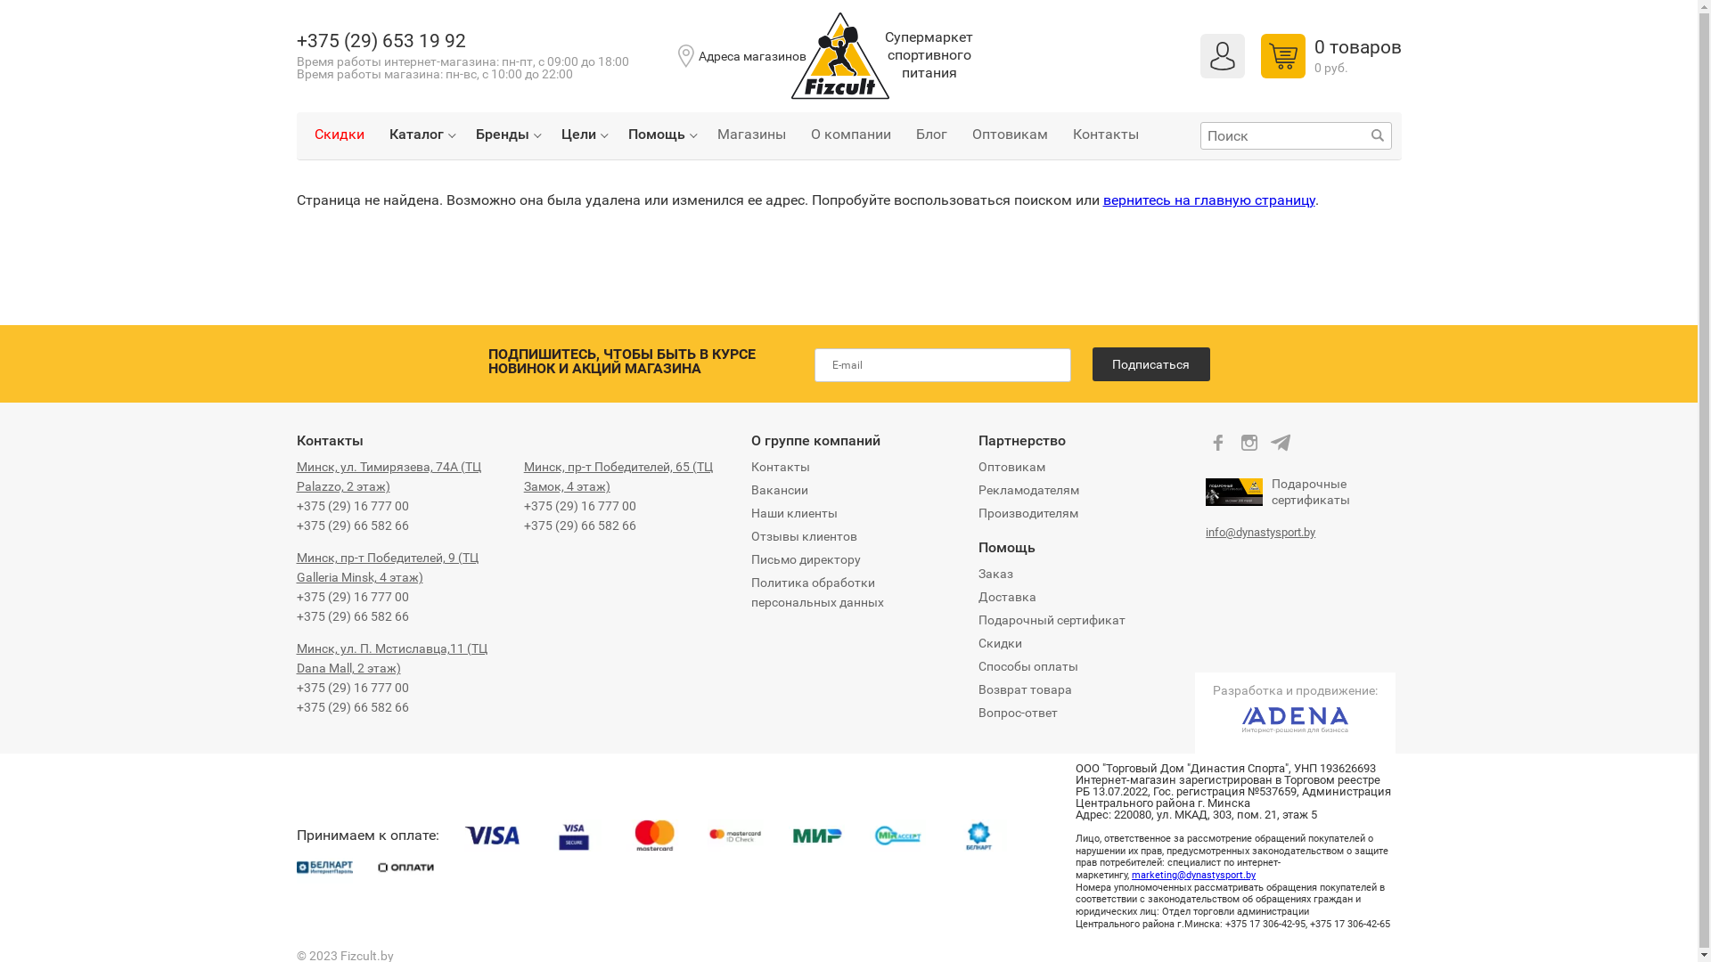  I want to click on '+375 (29) 16 777 00', so click(351, 597).